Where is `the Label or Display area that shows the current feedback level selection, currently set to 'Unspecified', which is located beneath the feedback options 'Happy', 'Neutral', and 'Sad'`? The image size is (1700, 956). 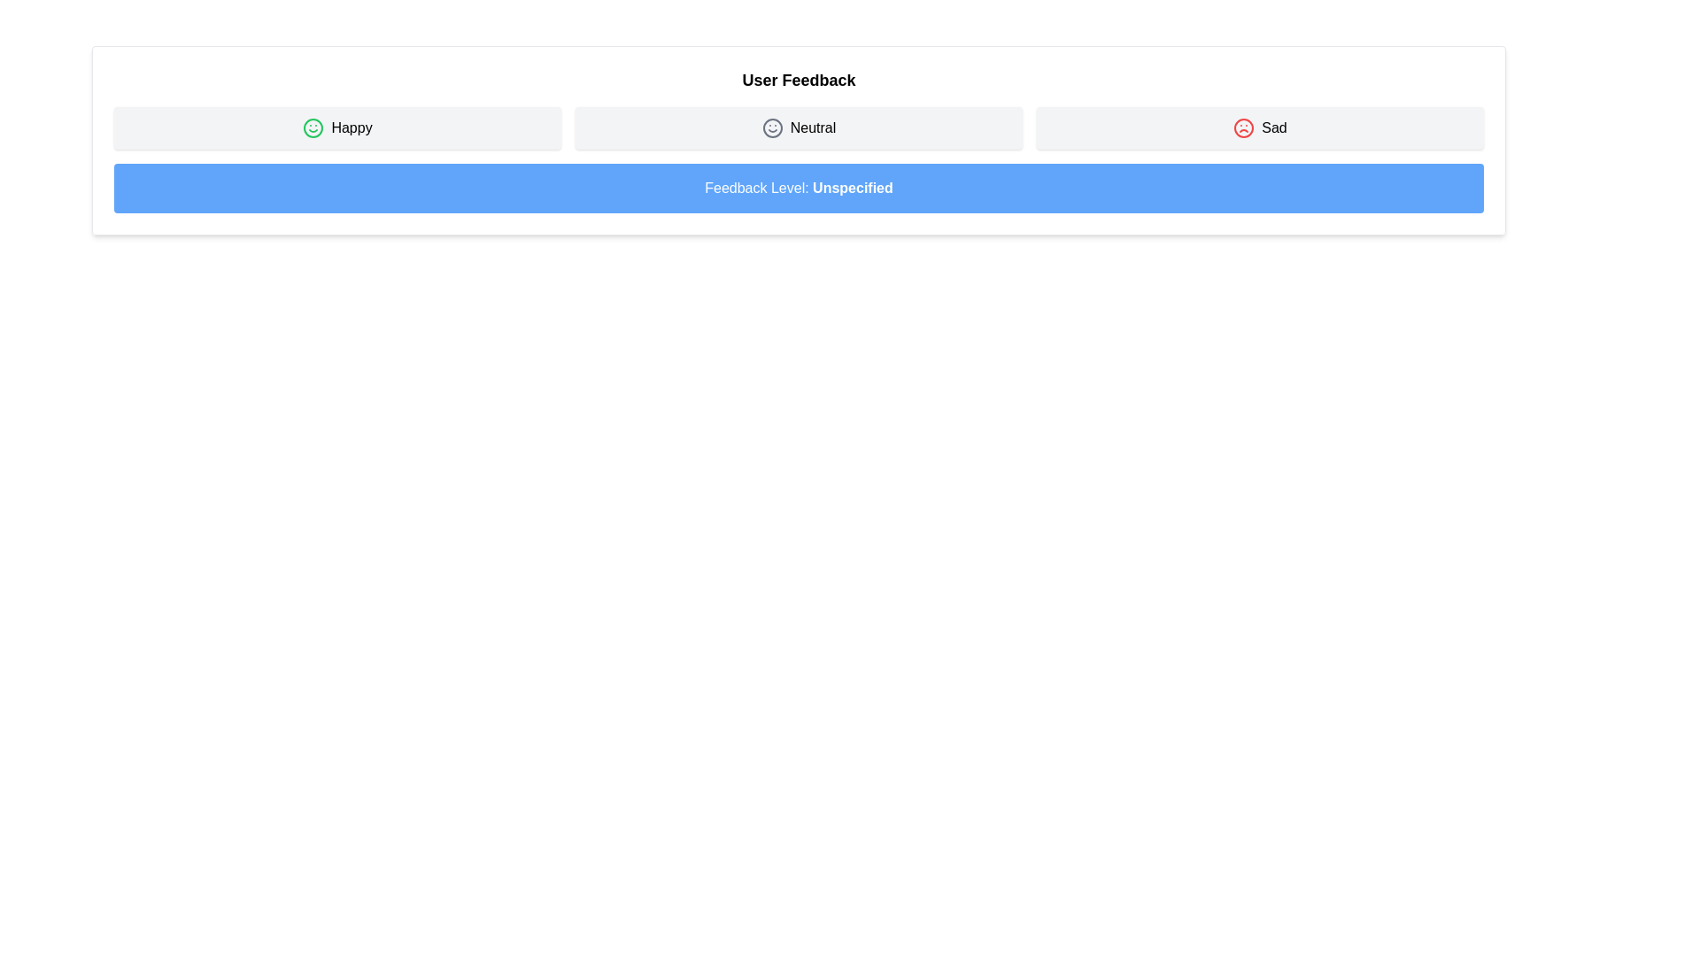 the Label or Display area that shows the current feedback level selection, currently set to 'Unspecified', which is located beneath the feedback options 'Happy', 'Neutral', and 'Sad' is located at coordinates (798, 188).